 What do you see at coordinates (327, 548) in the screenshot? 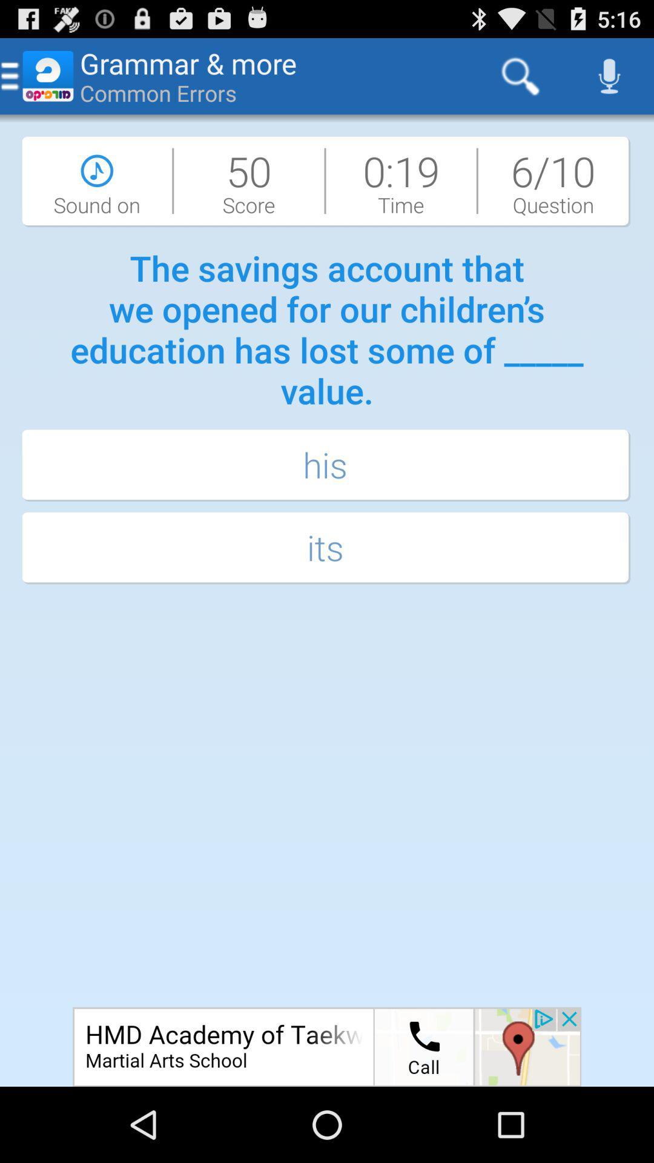
I see `item below the his icon` at bounding box center [327, 548].